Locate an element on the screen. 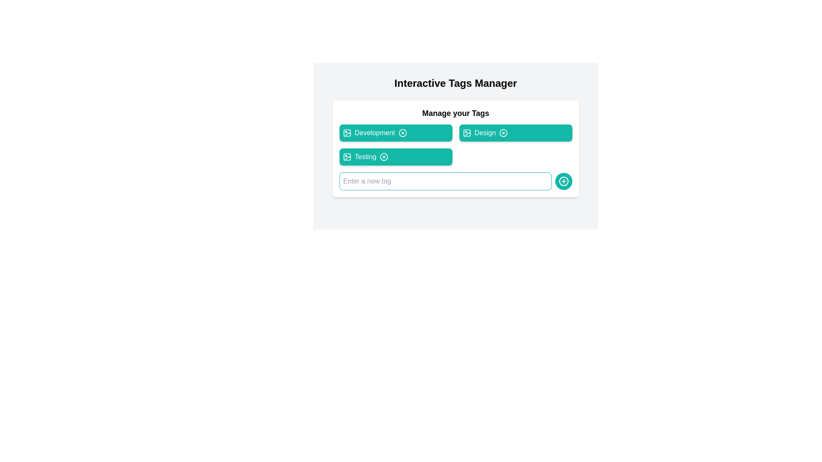 This screenshot has height=462, width=822. the circular graphic component (SVG) representing the delete functionality of the 'Development' tag, which is visually centered within the icon adjacent to the tag label is located at coordinates (402, 133).